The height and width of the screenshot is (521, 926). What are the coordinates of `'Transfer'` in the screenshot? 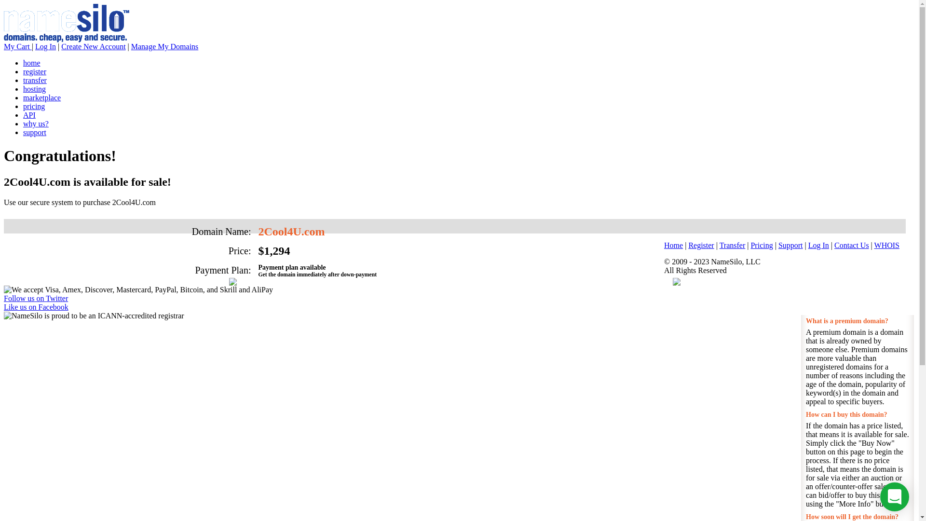 It's located at (720, 245).